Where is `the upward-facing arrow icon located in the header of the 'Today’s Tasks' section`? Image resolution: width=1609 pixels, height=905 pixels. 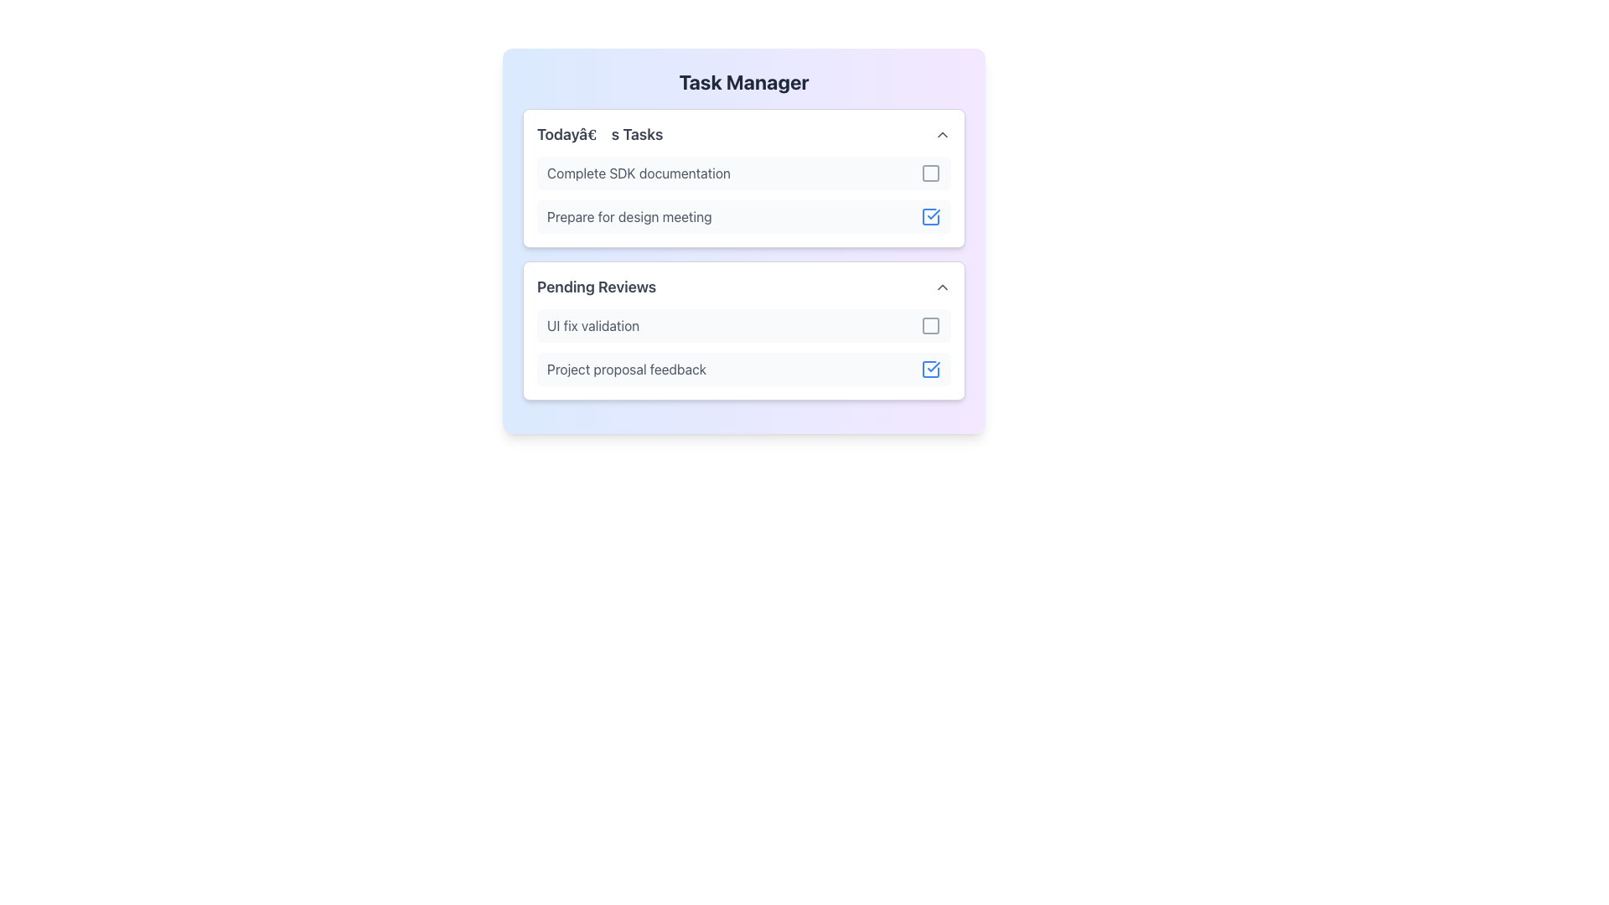 the upward-facing arrow icon located in the header of the 'Today’s Tasks' section is located at coordinates (942, 134).